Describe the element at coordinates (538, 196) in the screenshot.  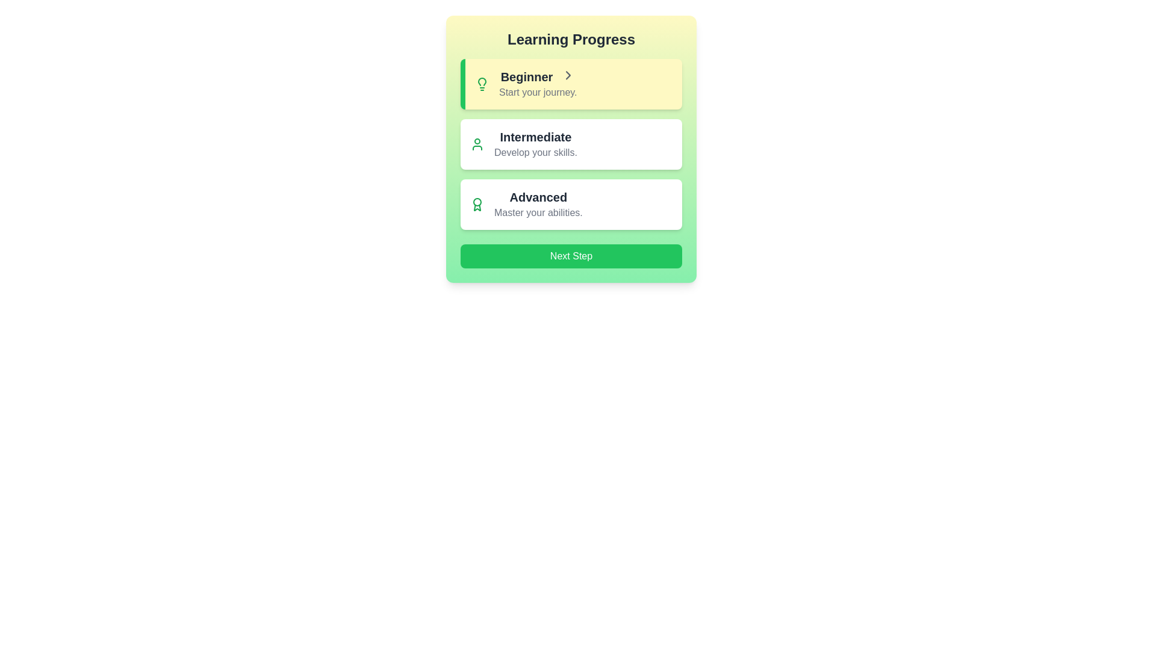
I see `the text label in the third row of the 'Learning Progress' card that indicates the advanced level in the learning progression, positioned above the text 'Master your abilities.'` at that location.